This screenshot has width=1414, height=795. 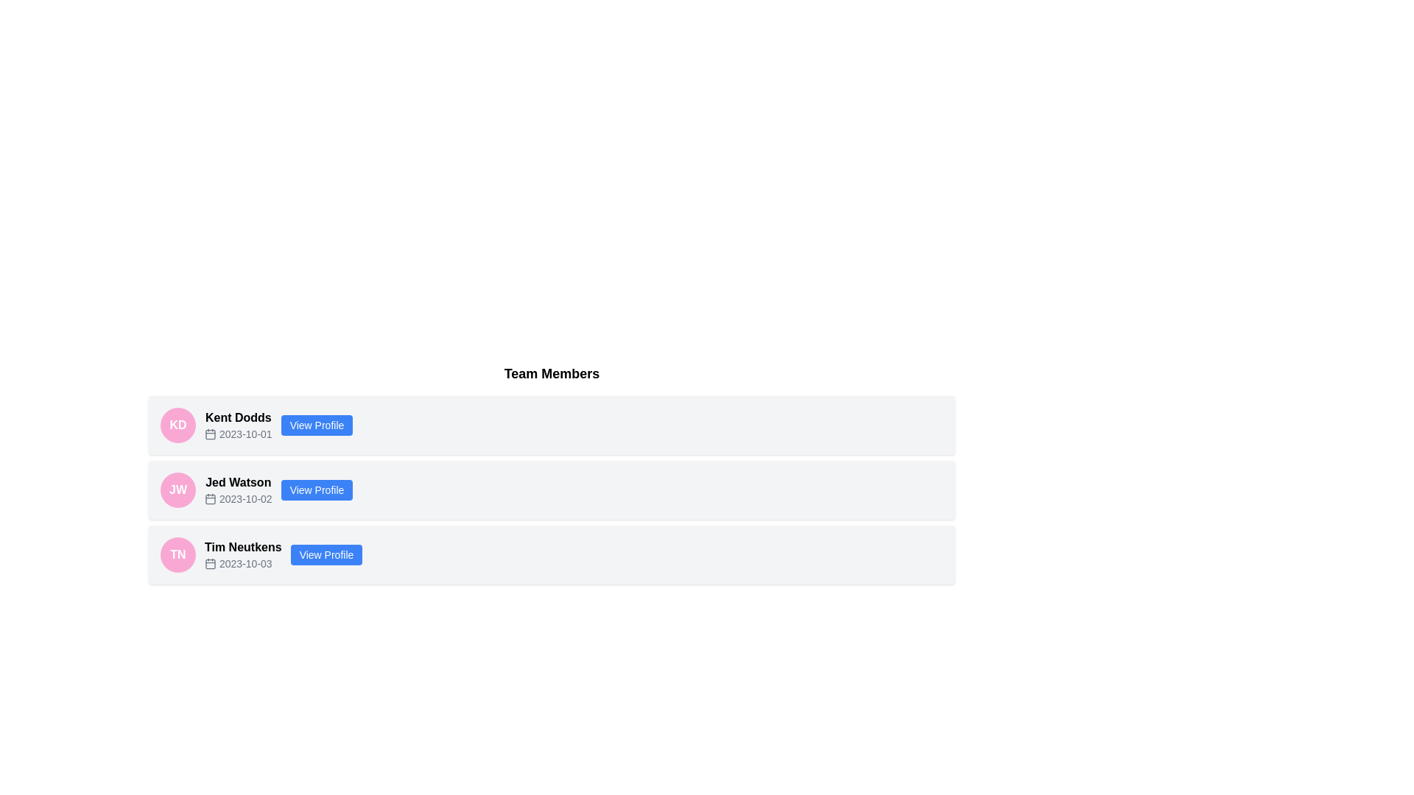 I want to click on the decorative shape within the SVG calendar icon, which is centrally positioned to the left of the date text in the second list item, so click(x=210, y=498).